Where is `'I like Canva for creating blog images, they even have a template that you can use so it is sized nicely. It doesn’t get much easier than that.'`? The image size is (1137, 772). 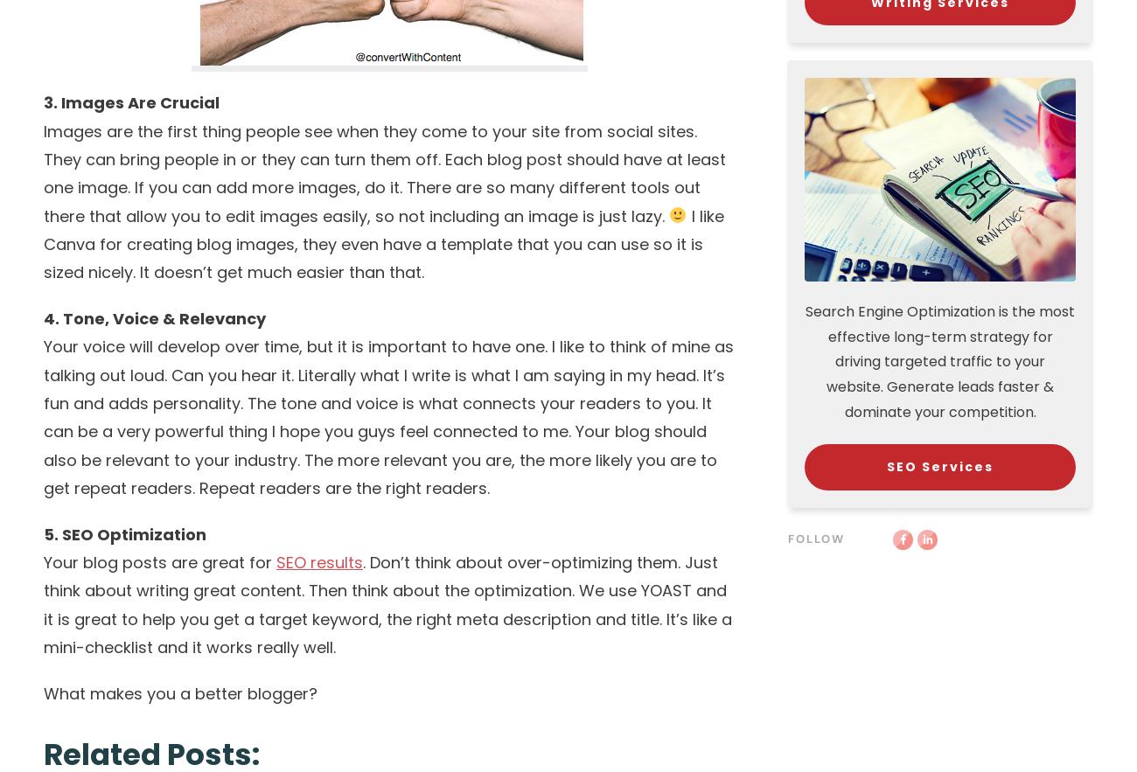 'I like Canva for creating blog images, they even have a template that you can use so it is sized nicely. It doesn’t get much easier than that.' is located at coordinates (382, 244).